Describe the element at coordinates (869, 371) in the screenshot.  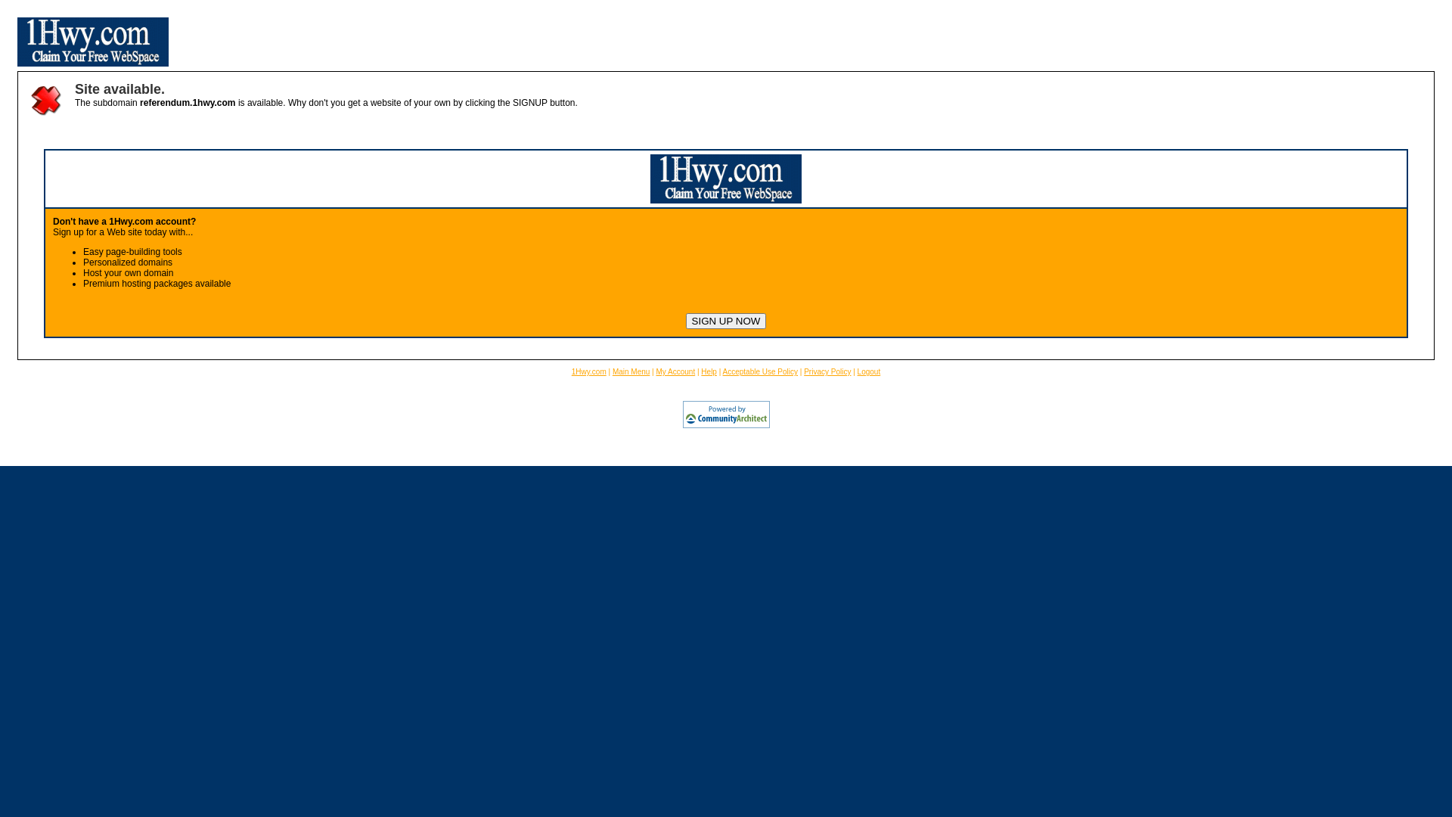
I see `'Logout'` at that location.